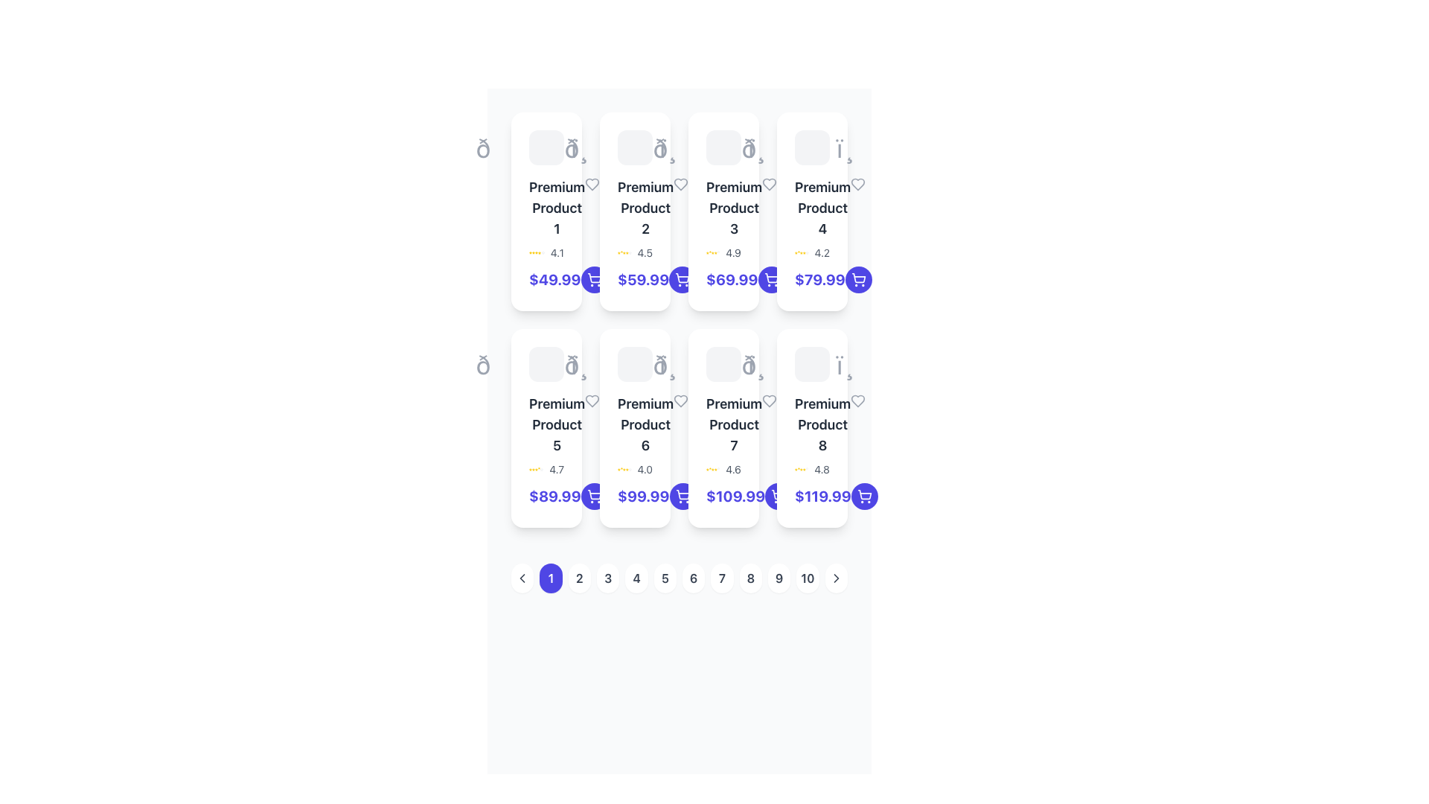 Image resolution: width=1429 pixels, height=804 pixels. I want to click on the fifth star icon in the rating system of the Premium Product 2 card to interact with the product's rating, so click(627, 252).